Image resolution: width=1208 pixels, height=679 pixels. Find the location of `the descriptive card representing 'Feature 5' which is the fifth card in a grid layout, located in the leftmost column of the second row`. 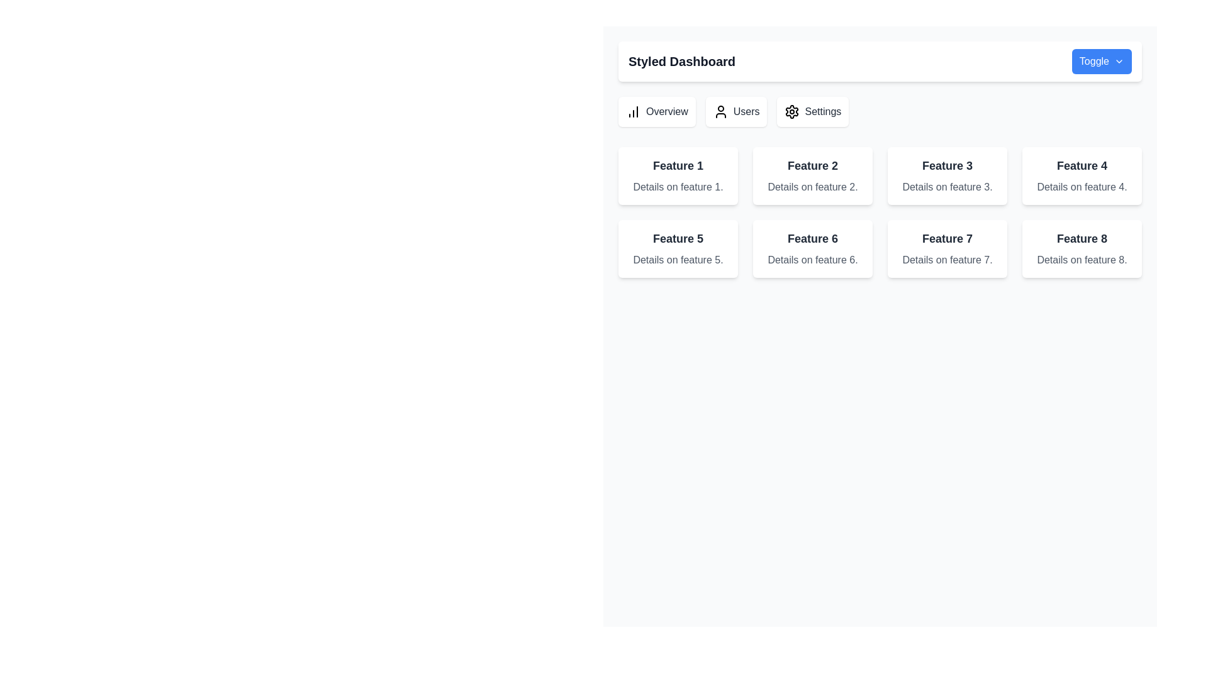

the descriptive card representing 'Feature 5' which is the fifth card in a grid layout, located in the leftmost column of the second row is located at coordinates (678, 249).